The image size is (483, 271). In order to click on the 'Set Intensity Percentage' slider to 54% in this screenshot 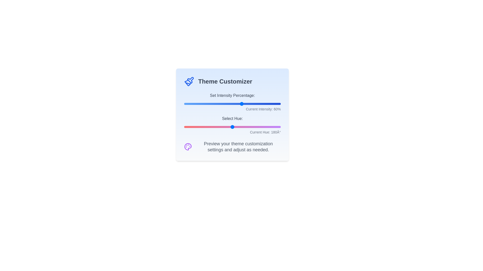, I will do `click(236, 103)`.